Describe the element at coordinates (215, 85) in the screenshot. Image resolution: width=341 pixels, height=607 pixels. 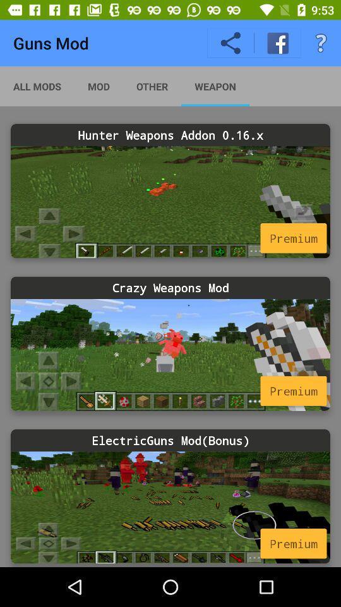
I see `weapon app` at that location.